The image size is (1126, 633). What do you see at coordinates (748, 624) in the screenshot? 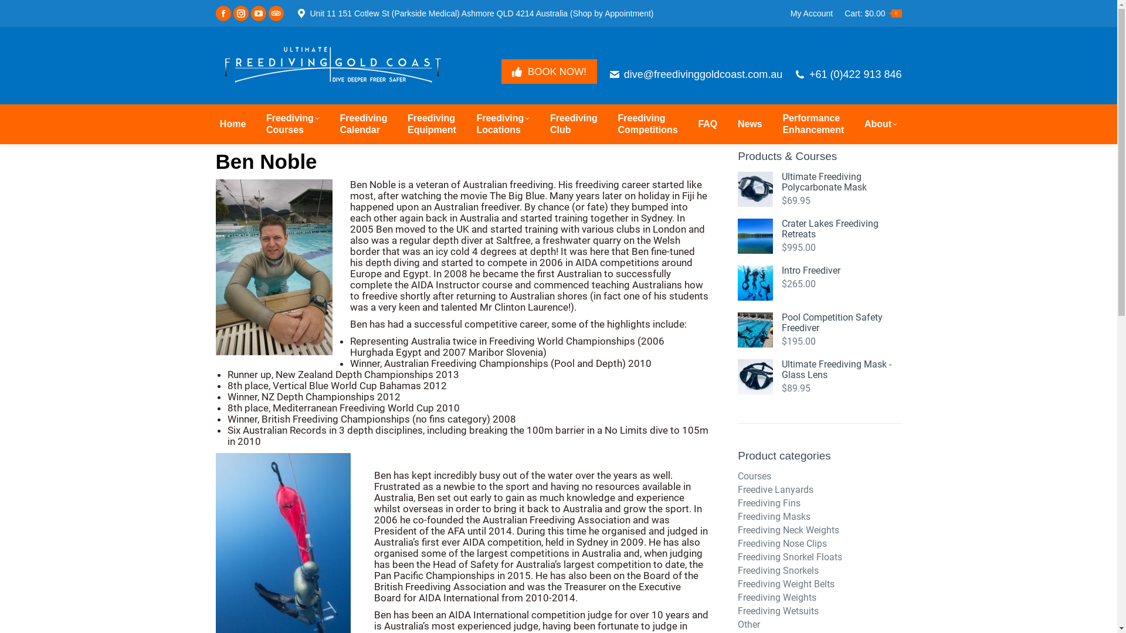
I see `'Other'` at bounding box center [748, 624].